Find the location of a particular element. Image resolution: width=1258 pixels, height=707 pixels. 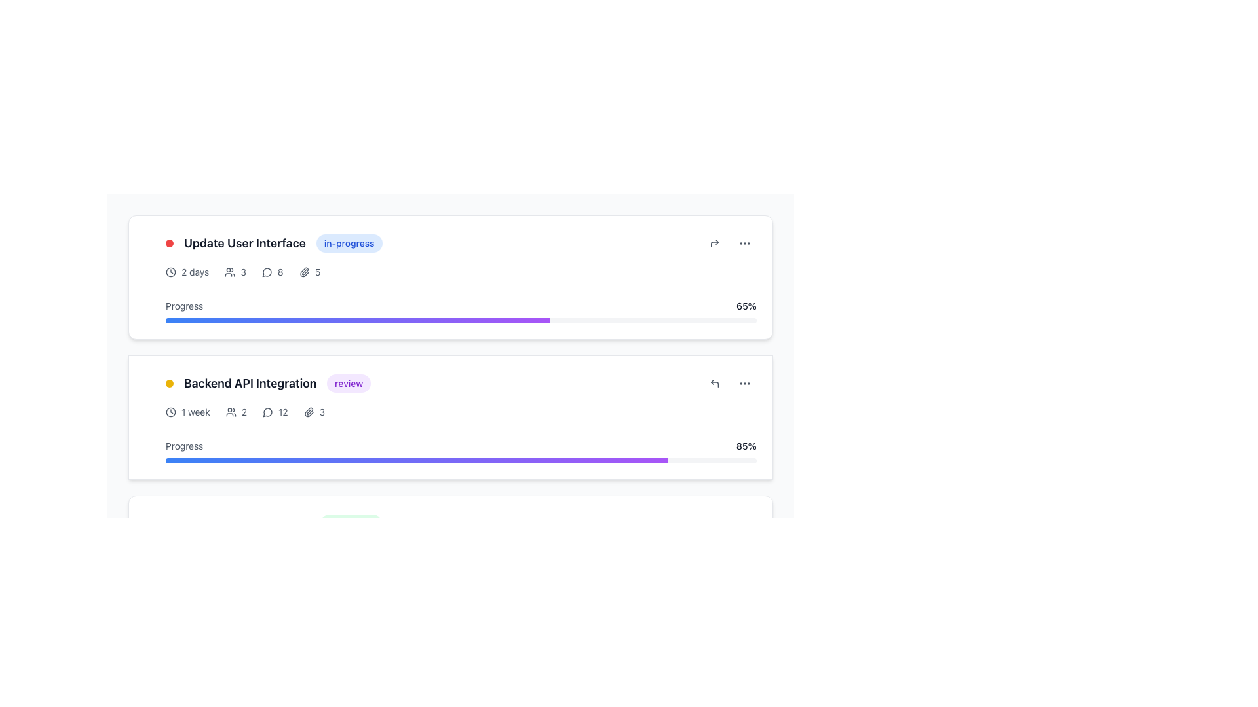

the message/comment icon located to the left of the number '8' and to the right of another icon within the metadata group for the task 'Update User Interface' is located at coordinates (267, 272).